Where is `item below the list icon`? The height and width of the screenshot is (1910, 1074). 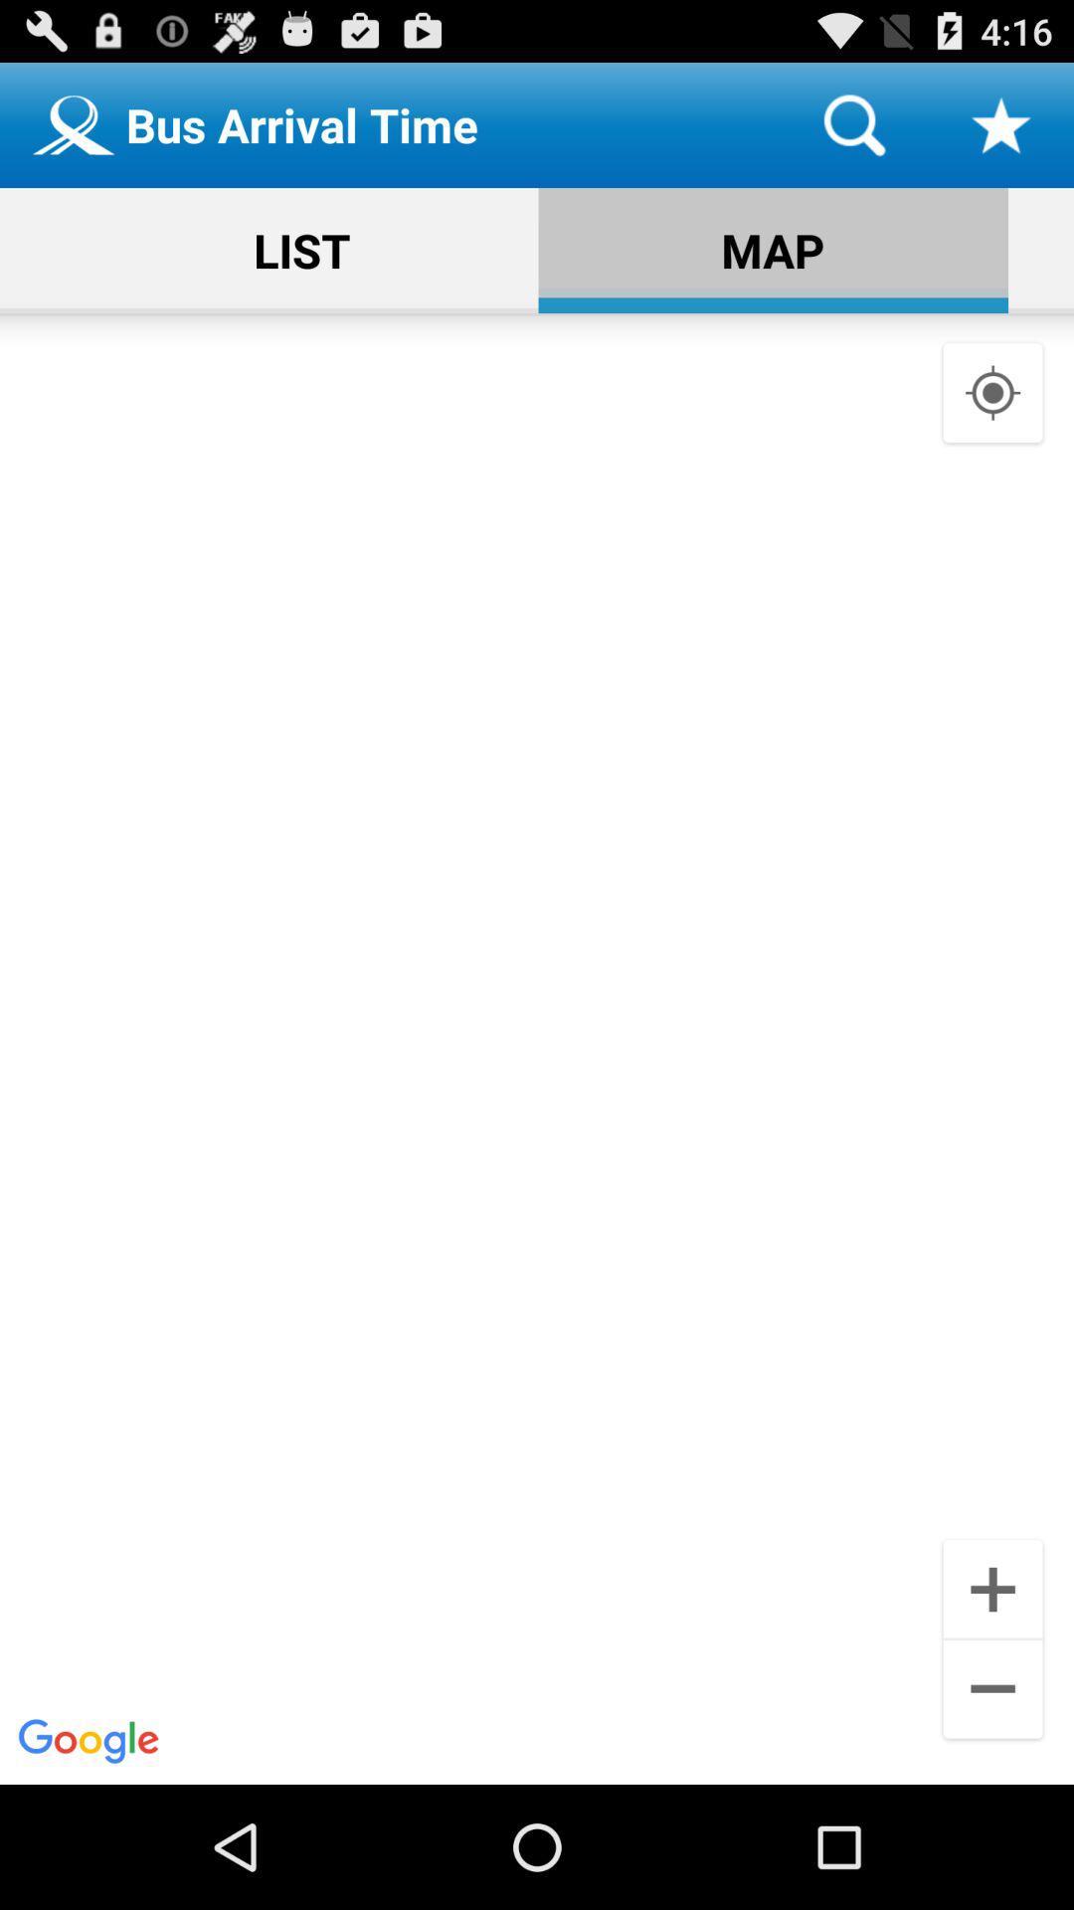 item below the list icon is located at coordinates (537, 1048).